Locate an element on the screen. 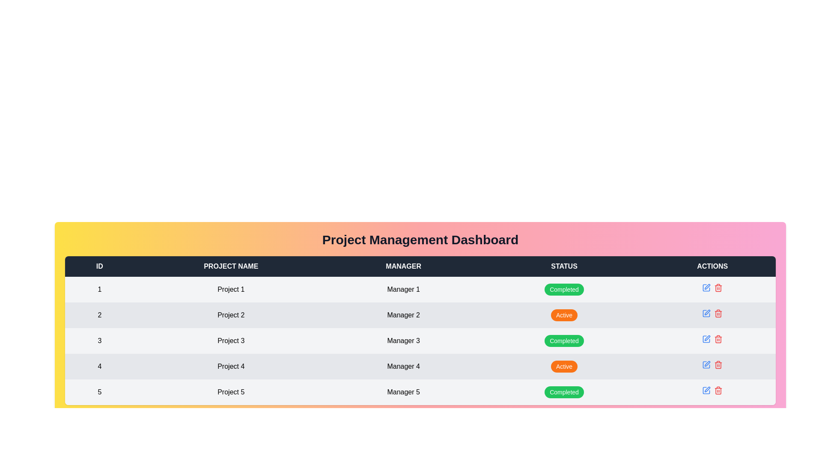 This screenshot has height=462, width=822. the third header text label that designates the column containing data about managers, located between 'Project Name' and 'Status' in the data table is located at coordinates (403, 266).